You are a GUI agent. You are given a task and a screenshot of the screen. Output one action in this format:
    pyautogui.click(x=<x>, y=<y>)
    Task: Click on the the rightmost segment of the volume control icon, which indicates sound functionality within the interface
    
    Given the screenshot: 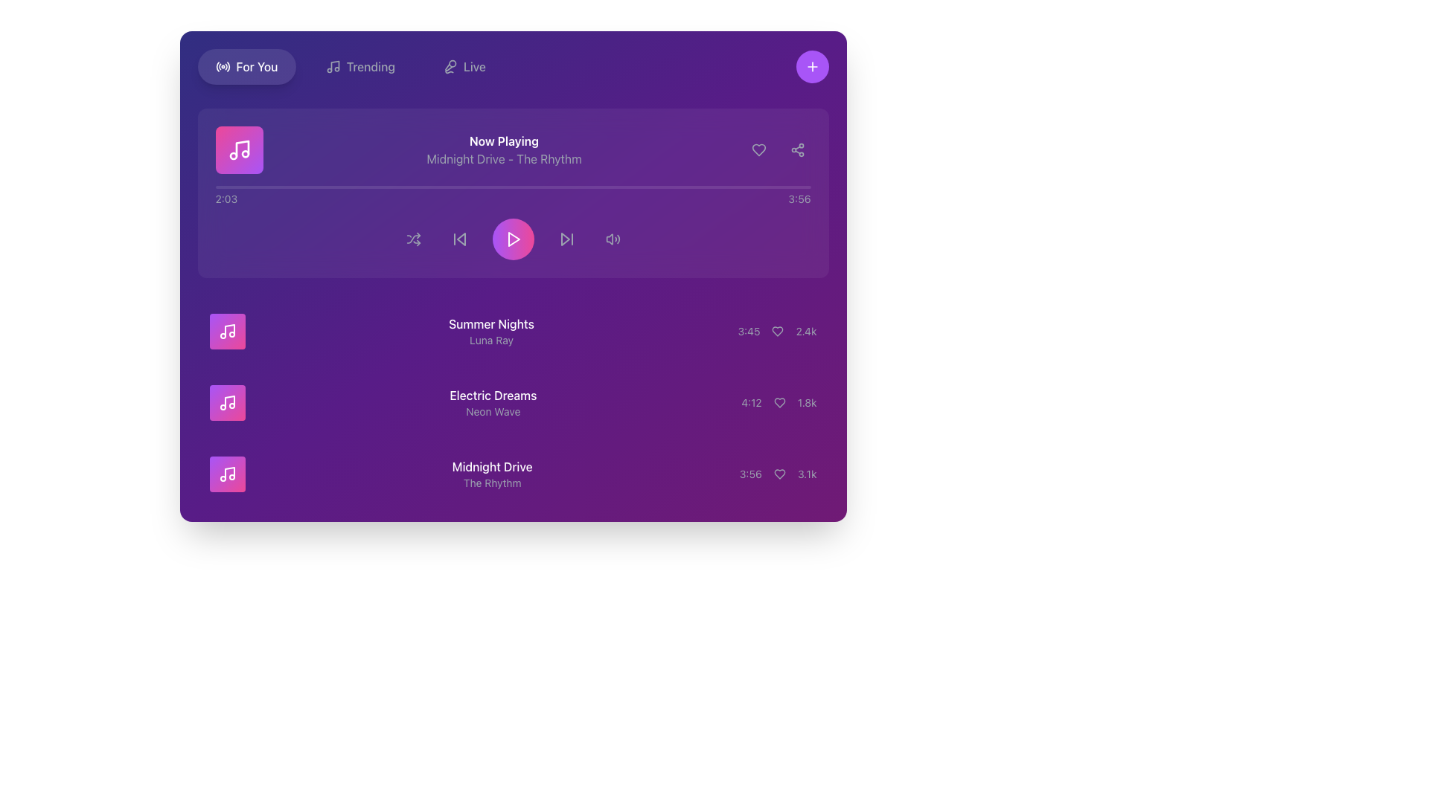 What is the action you would take?
    pyautogui.click(x=618, y=238)
    